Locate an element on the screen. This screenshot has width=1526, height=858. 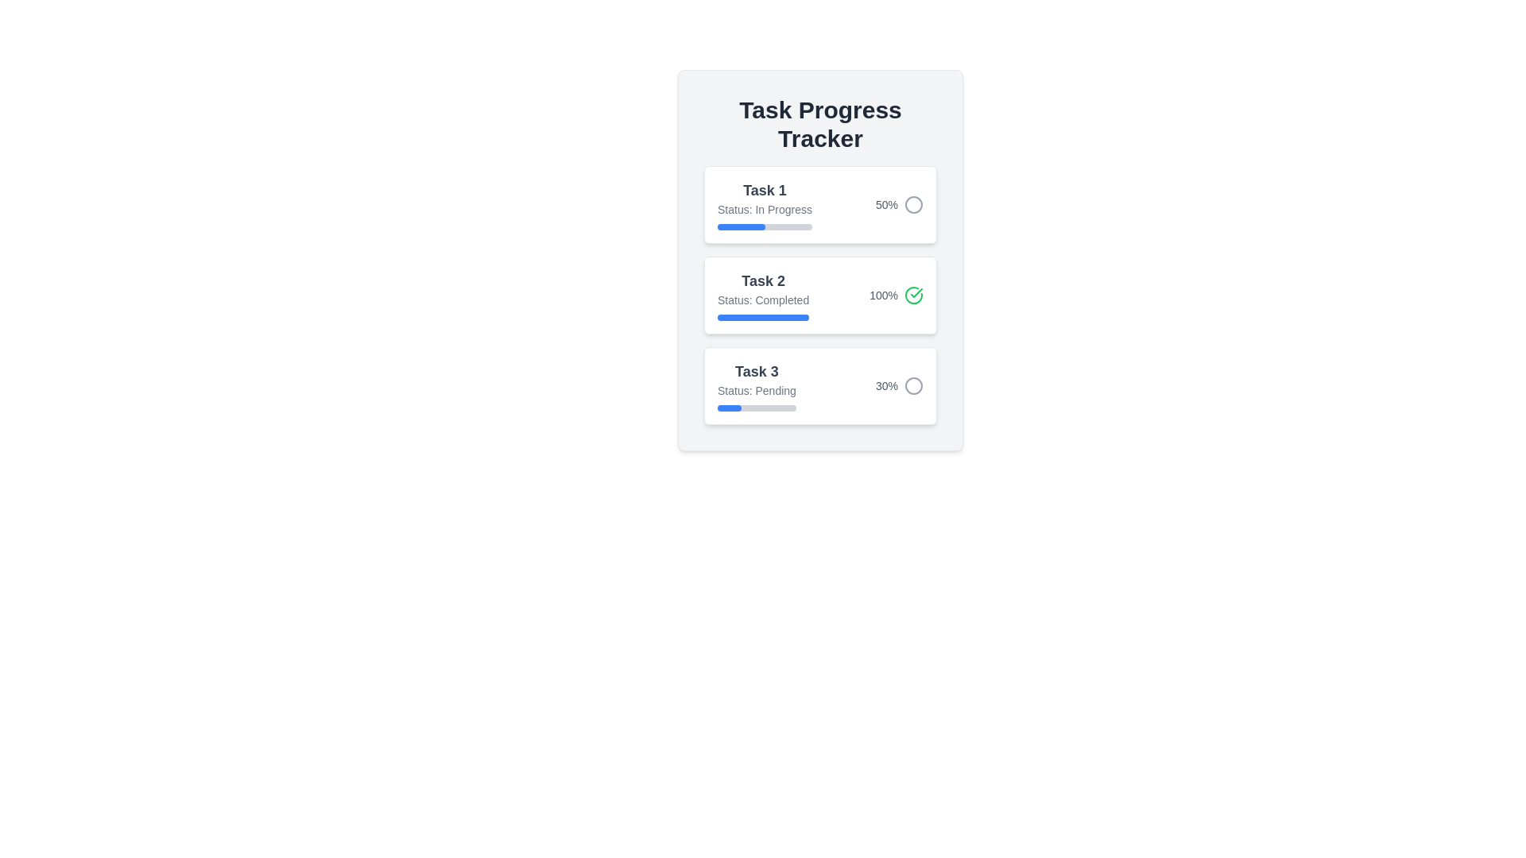
the text label that identifies the task name ('Task 3') and its current status ('Pending') by moving the cursor to its center point is located at coordinates (756, 386).